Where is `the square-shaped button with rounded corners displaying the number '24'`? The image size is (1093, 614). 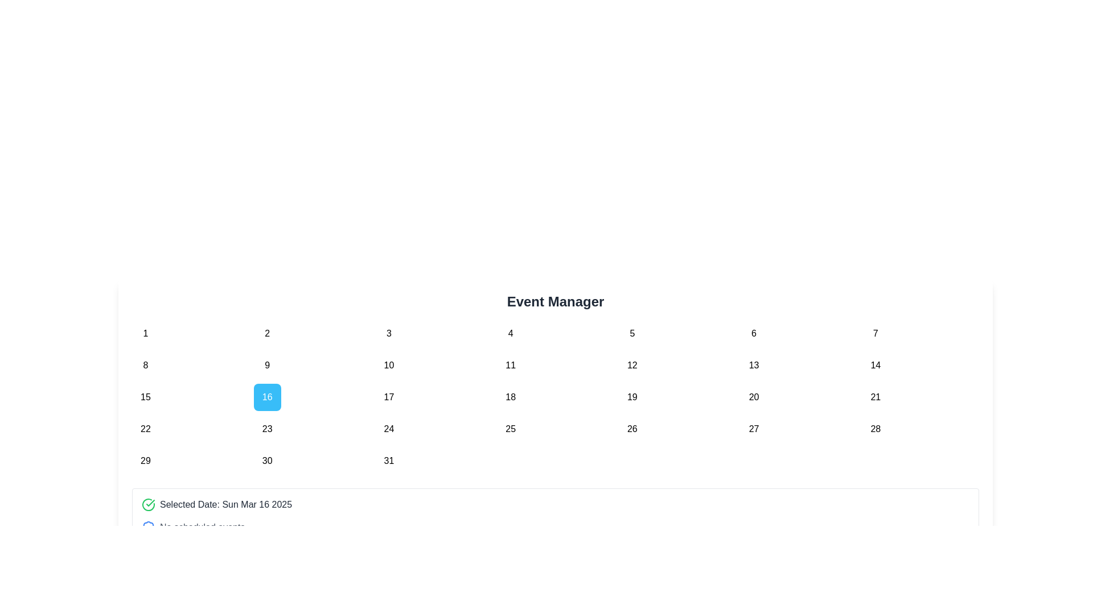 the square-shaped button with rounded corners displaying the number '24' is located at coordinates (389, 429).